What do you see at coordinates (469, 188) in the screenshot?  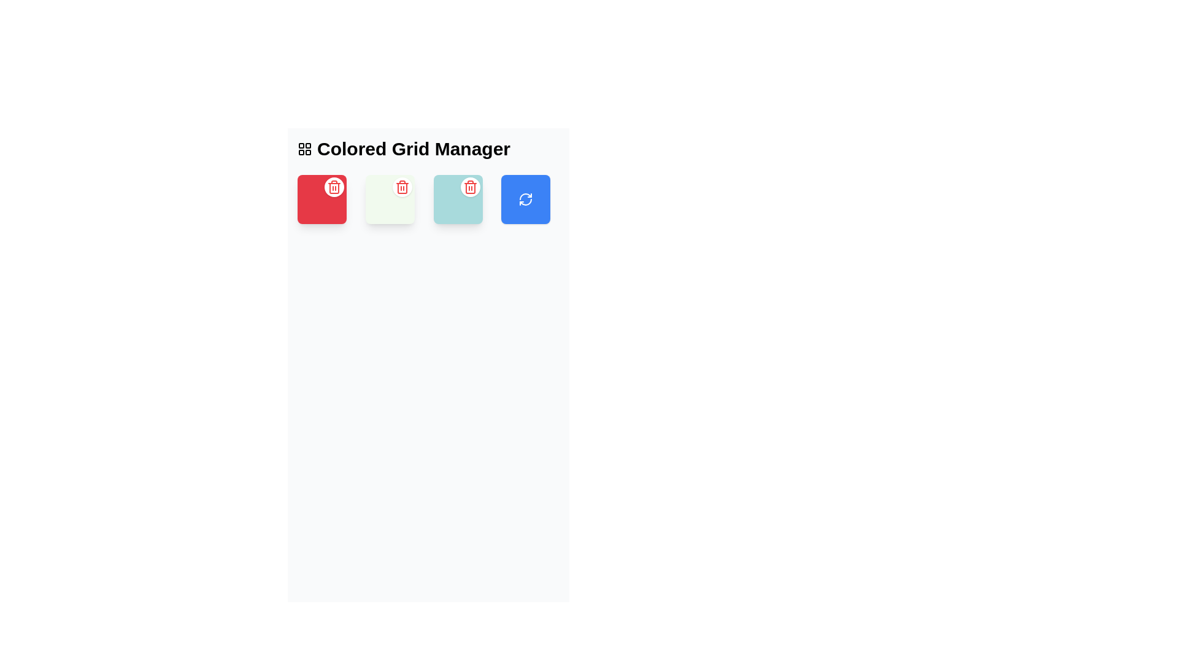 I see `the middle body portion of the trash can icon, which visually represents the main body structure of a trash can and indicates a delete action` at bounding box center [469, 188].